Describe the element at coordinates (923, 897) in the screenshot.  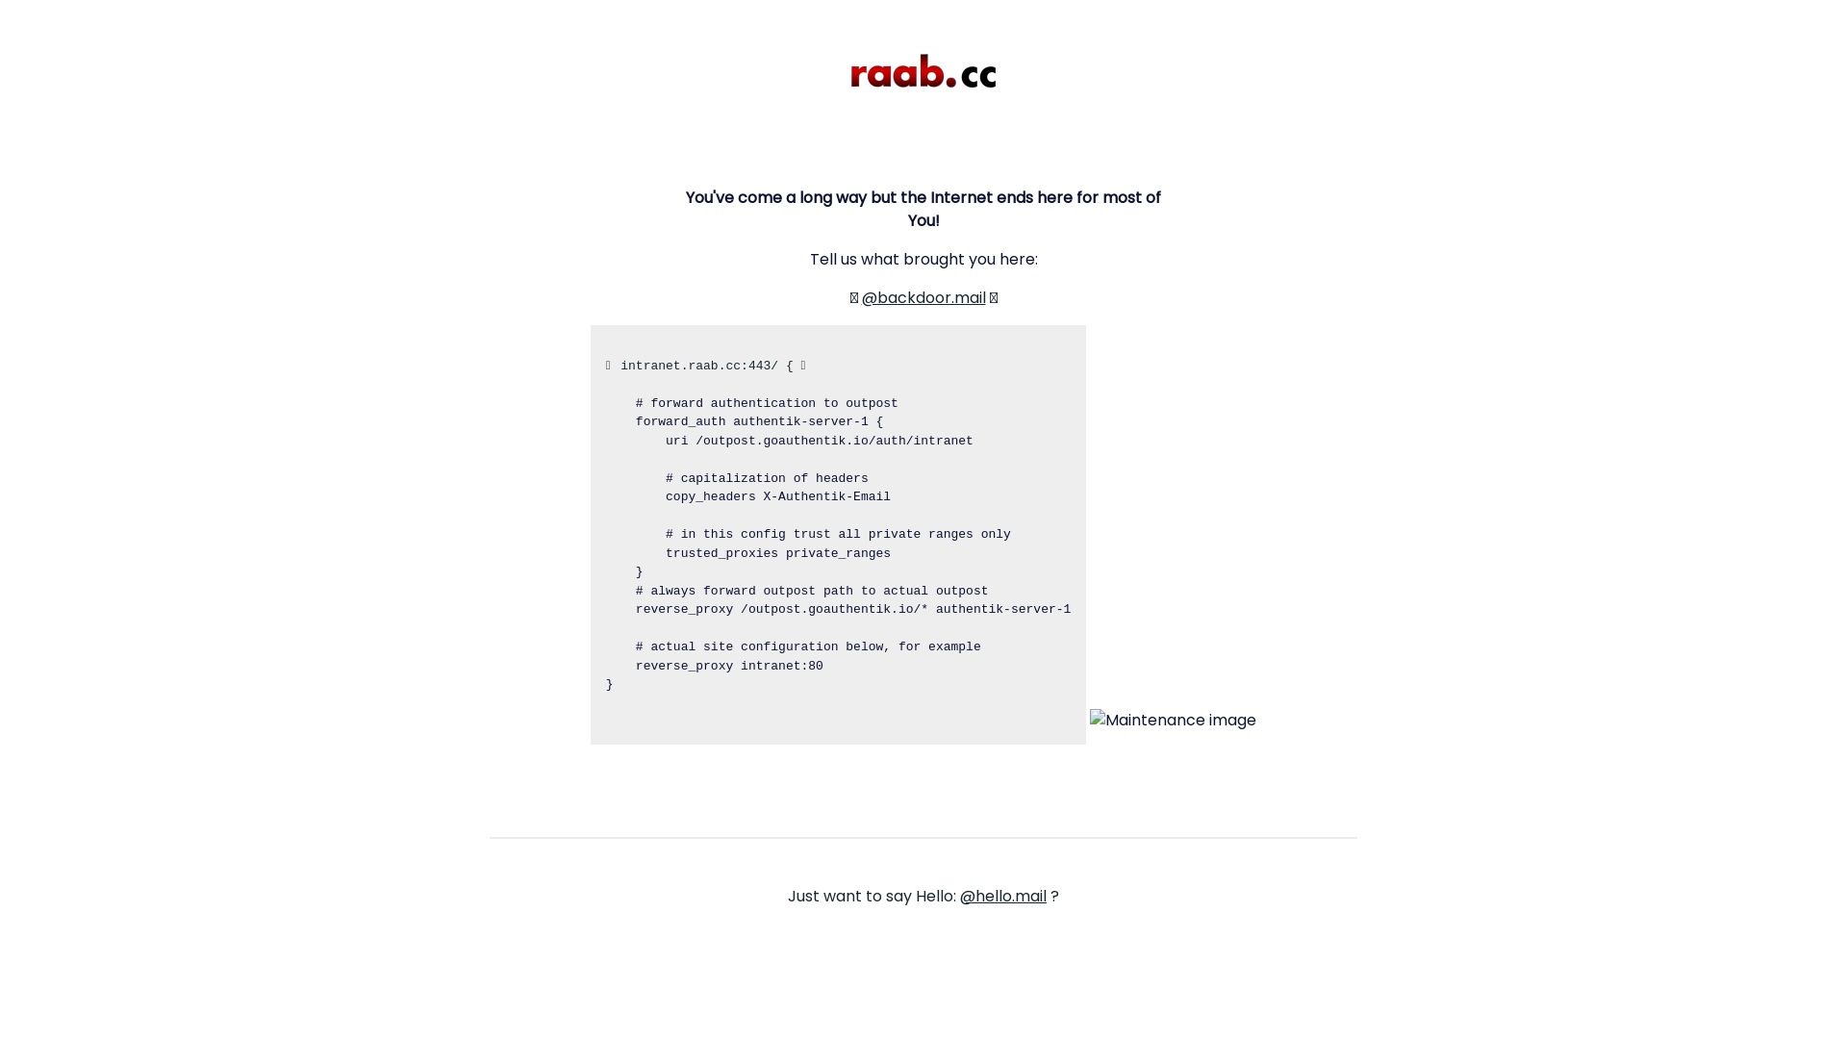
I see `'Just want to say Hello: @hello.mail ?'` at that location.